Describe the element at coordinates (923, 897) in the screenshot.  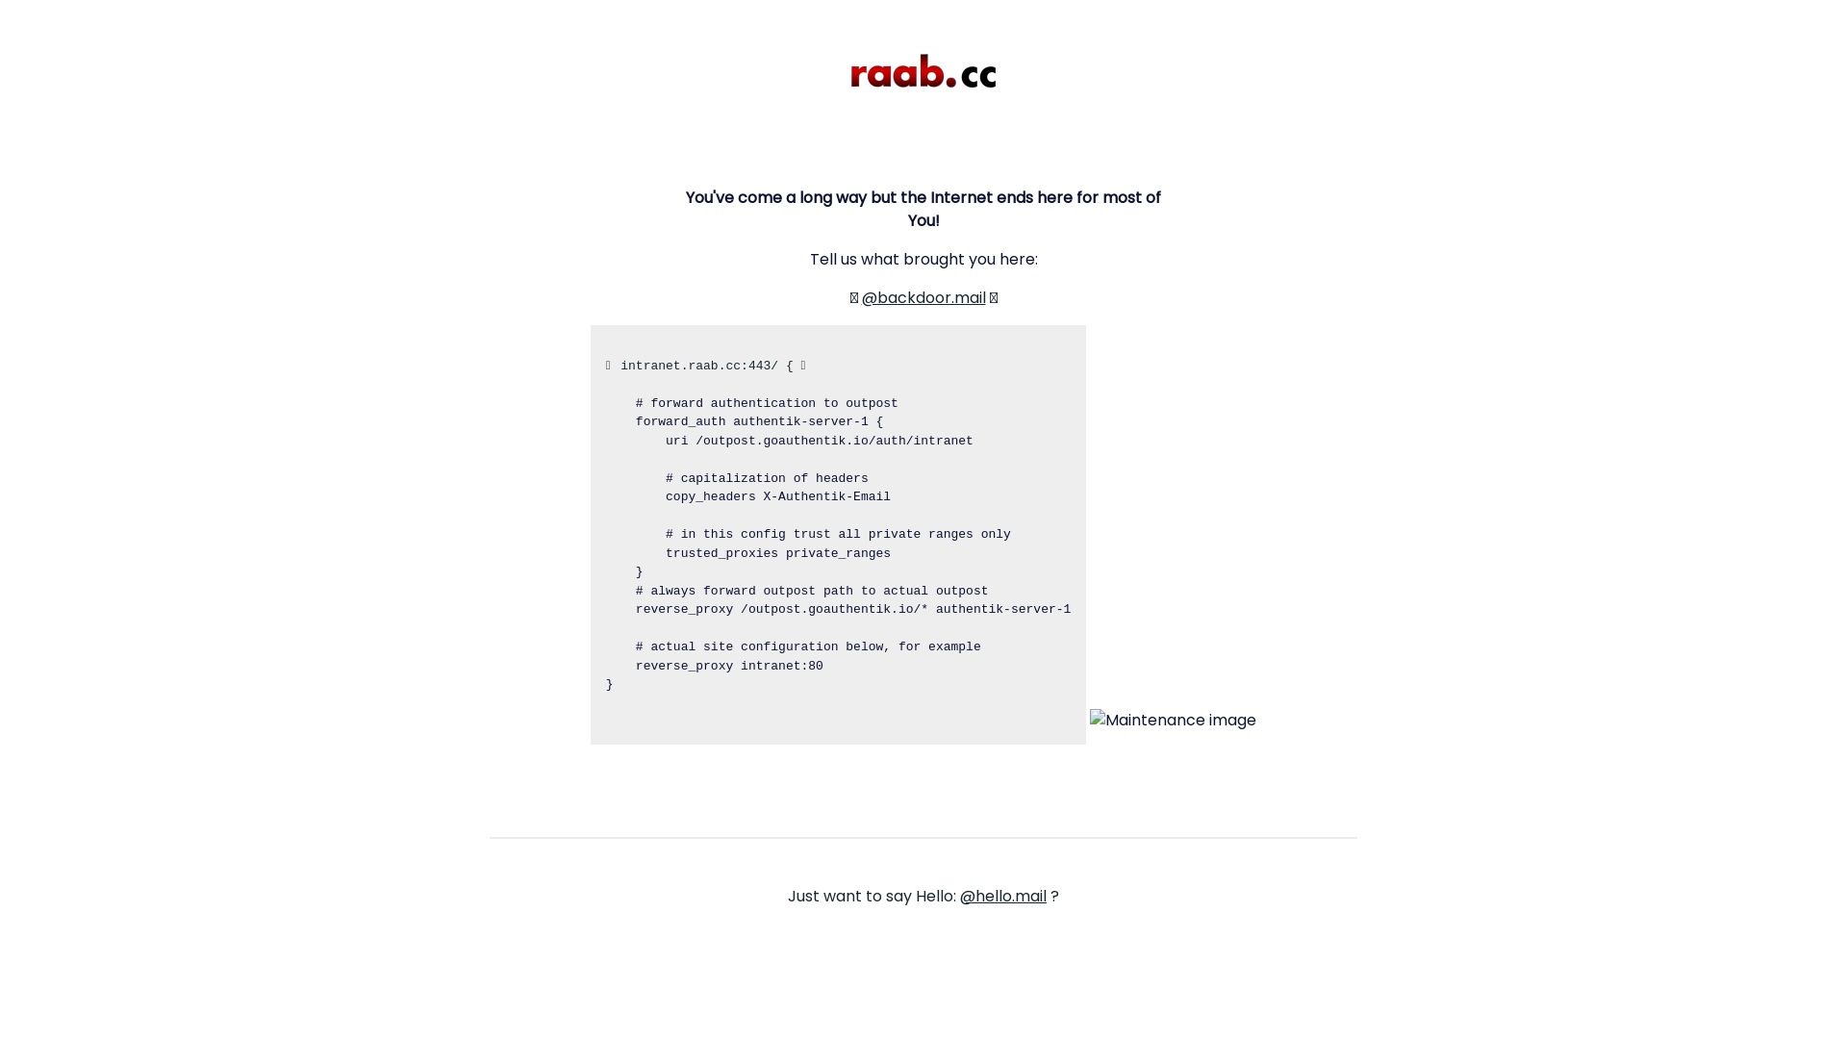
I see `'Just want to say Hello: @hello.mail ?'` at that location.